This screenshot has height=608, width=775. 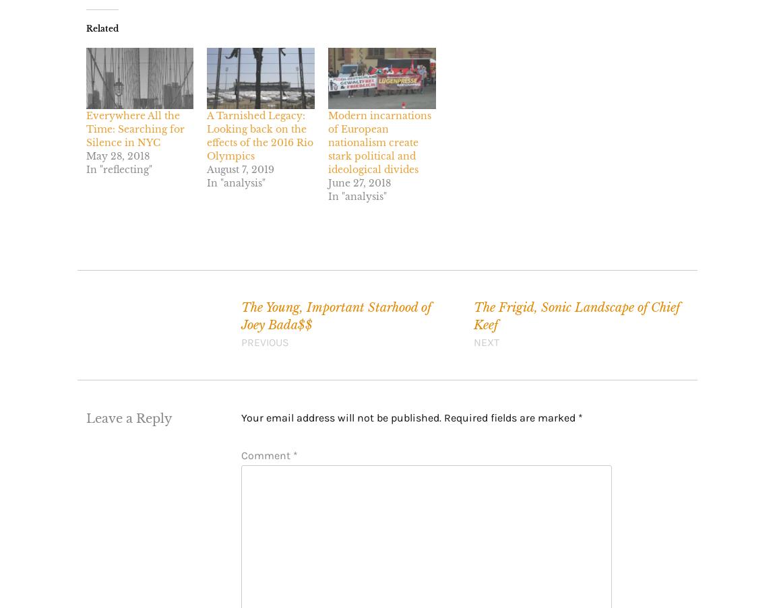 I want to click on 'Leave a Reply', so click(x=128, y=417).